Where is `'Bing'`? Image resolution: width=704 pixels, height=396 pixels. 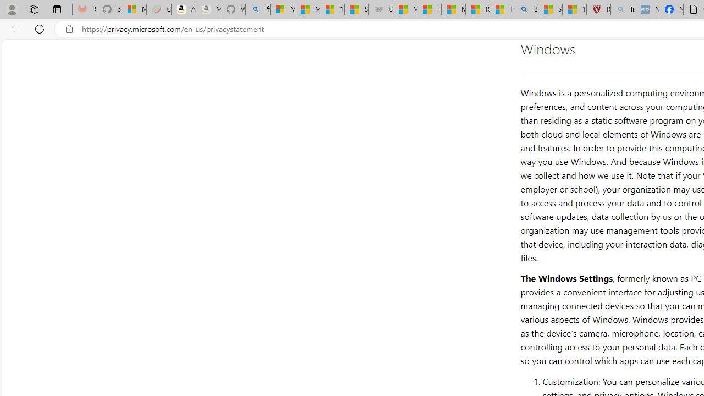 'Bing' is located at coordinates (525, 9).